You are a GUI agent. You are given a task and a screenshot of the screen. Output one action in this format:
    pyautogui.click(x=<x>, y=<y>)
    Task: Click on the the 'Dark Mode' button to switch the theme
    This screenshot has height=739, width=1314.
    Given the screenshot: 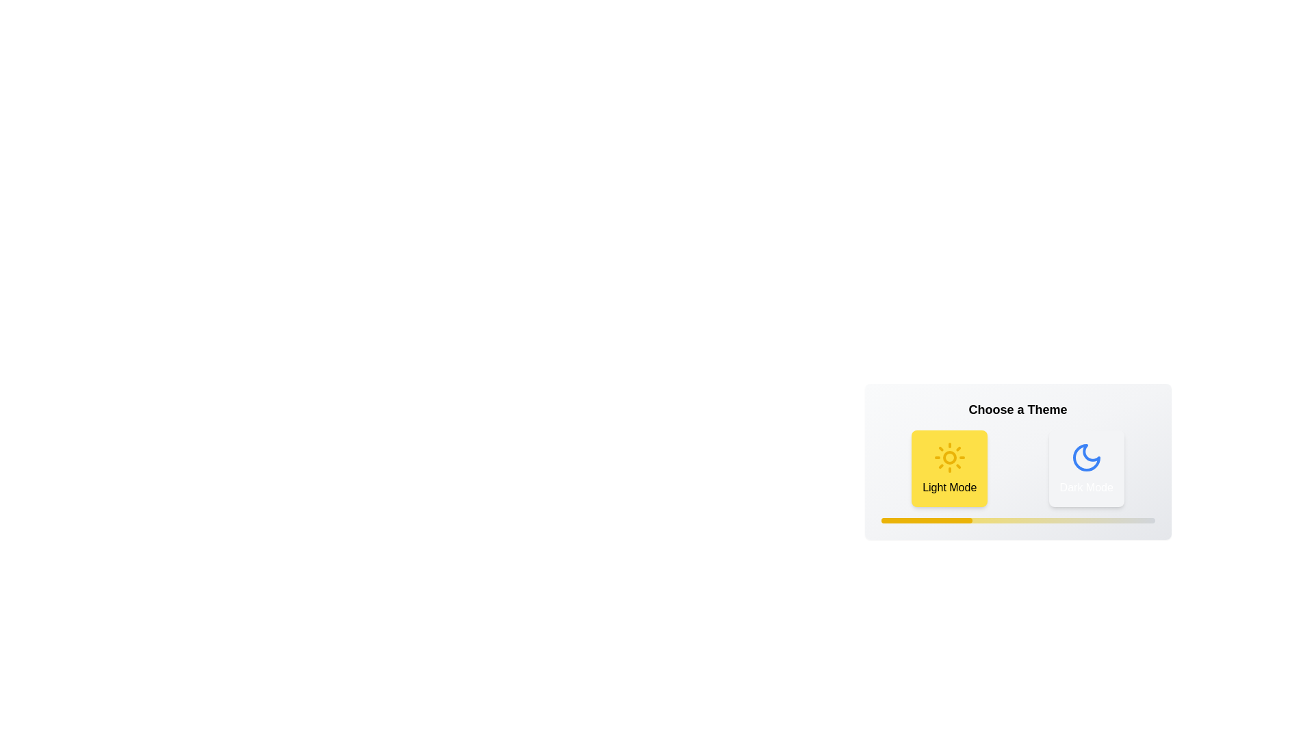 What is the action you would take?
    pyautogui.click(x=1085, y=468)
    